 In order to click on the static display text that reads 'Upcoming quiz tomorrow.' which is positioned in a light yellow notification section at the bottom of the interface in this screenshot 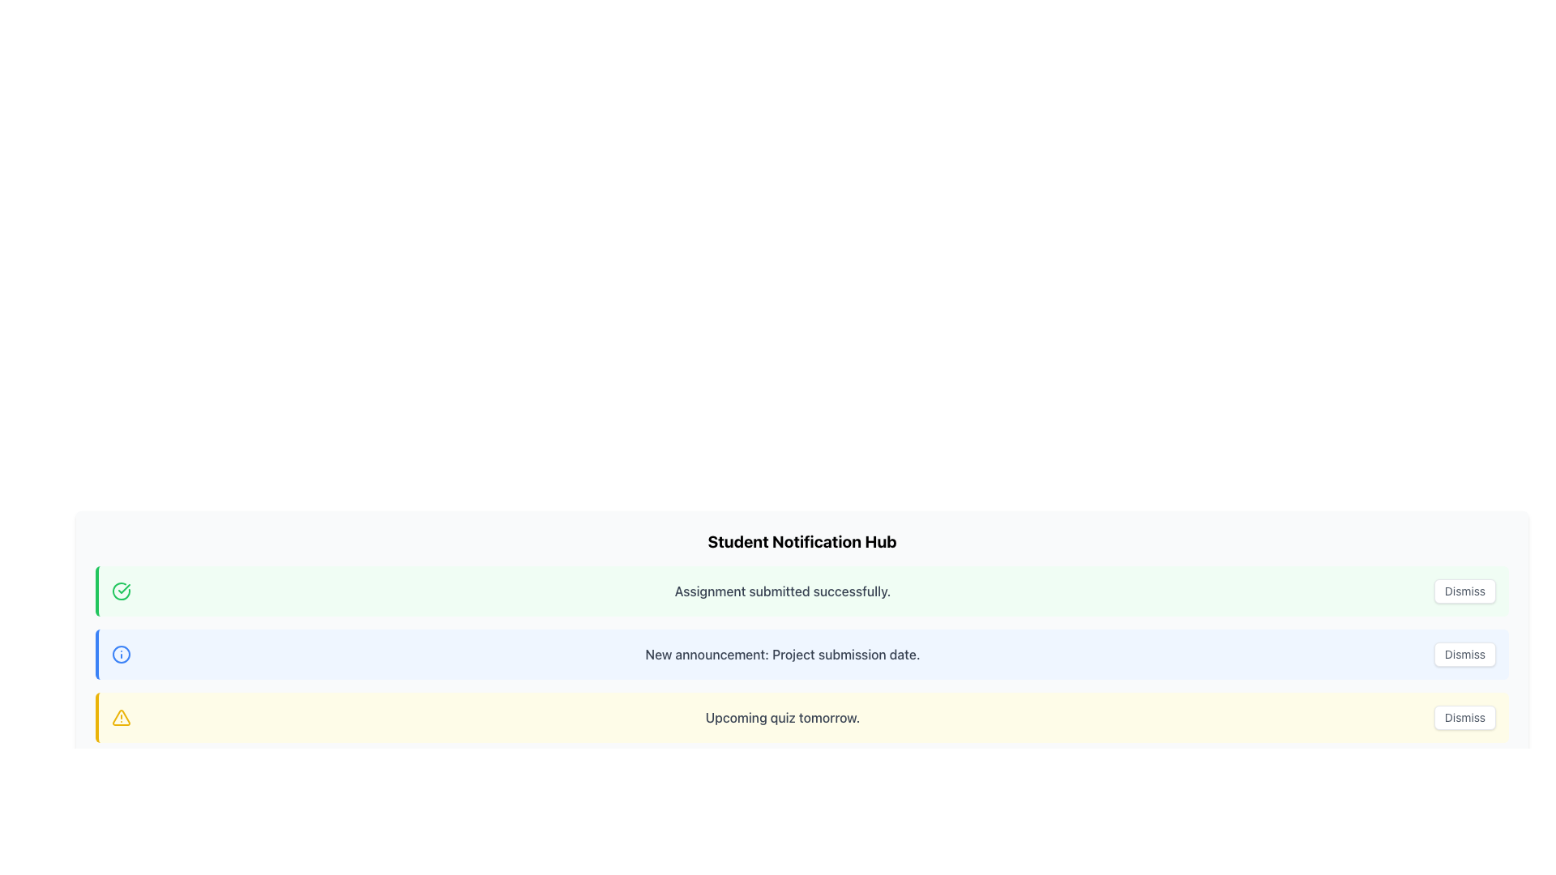, I will do `click(782, 717)`.